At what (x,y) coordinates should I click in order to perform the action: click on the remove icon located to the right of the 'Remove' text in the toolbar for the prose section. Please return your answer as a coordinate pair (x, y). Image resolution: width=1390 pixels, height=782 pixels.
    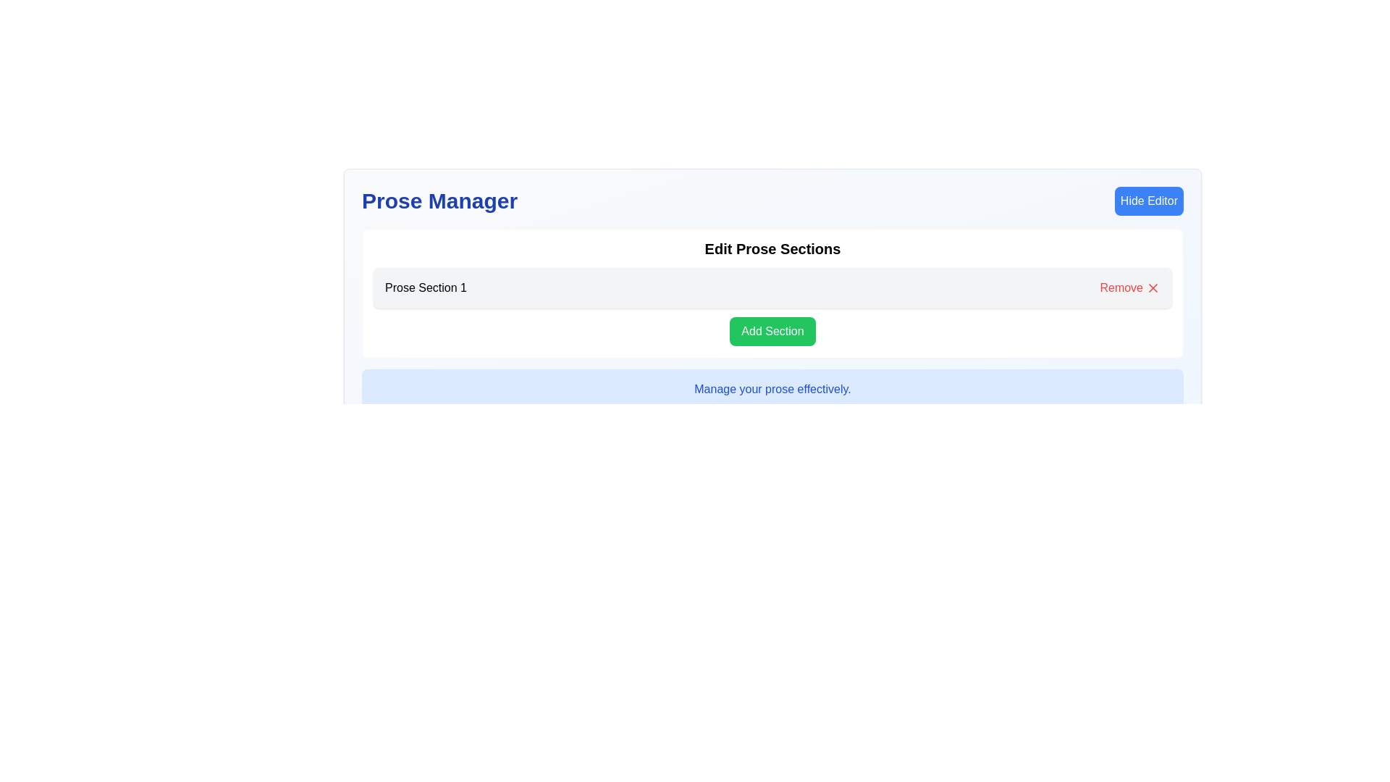
    Looking at the image, I should click on (1153, 287).